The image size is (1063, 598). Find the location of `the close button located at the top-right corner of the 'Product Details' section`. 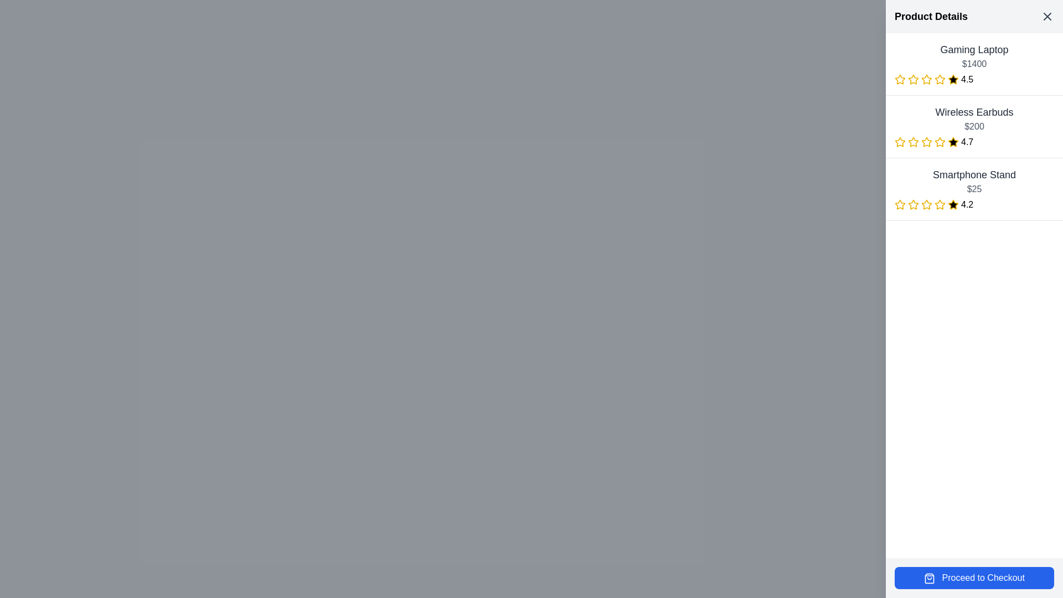

the close button located at the top-right corner of the 'Product Details' section is located at coordinates (1046, 17).